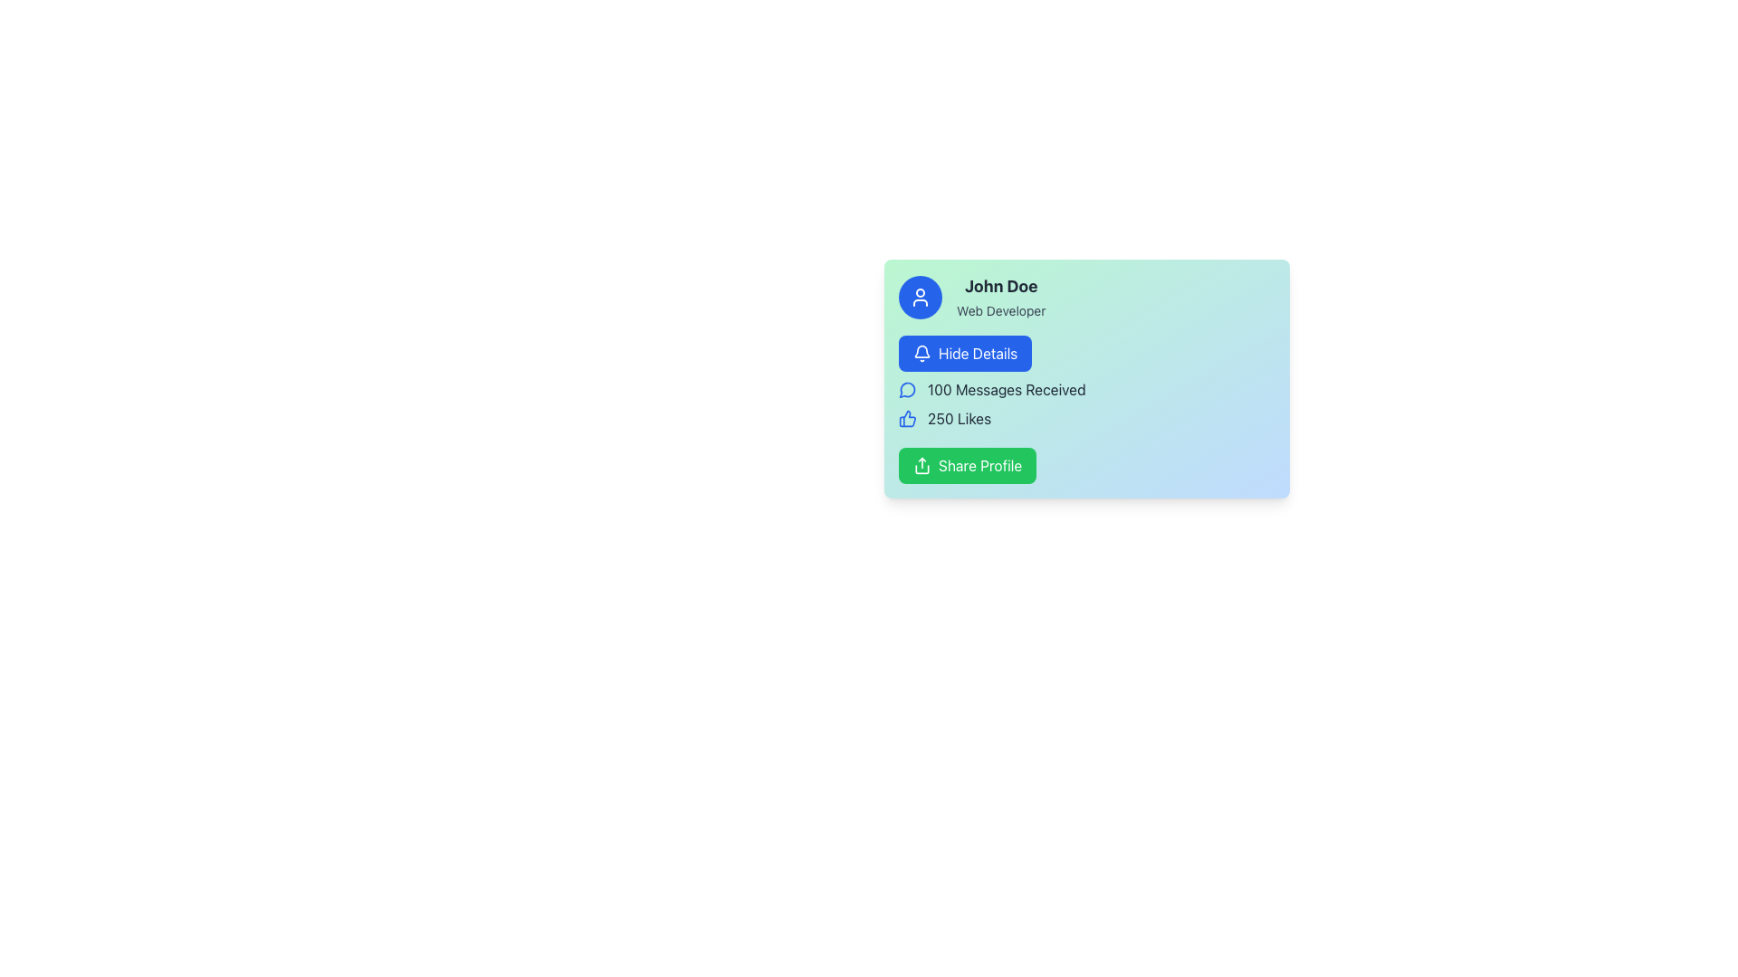 This screenshot has height=977, width=1738. Describe the element at coordinates (908, 418) in the screenshot. I see `the appearance of the likes icon located immediately to the left of the text '250 Likes', which serves as a visual representation for the likes count` at that location.